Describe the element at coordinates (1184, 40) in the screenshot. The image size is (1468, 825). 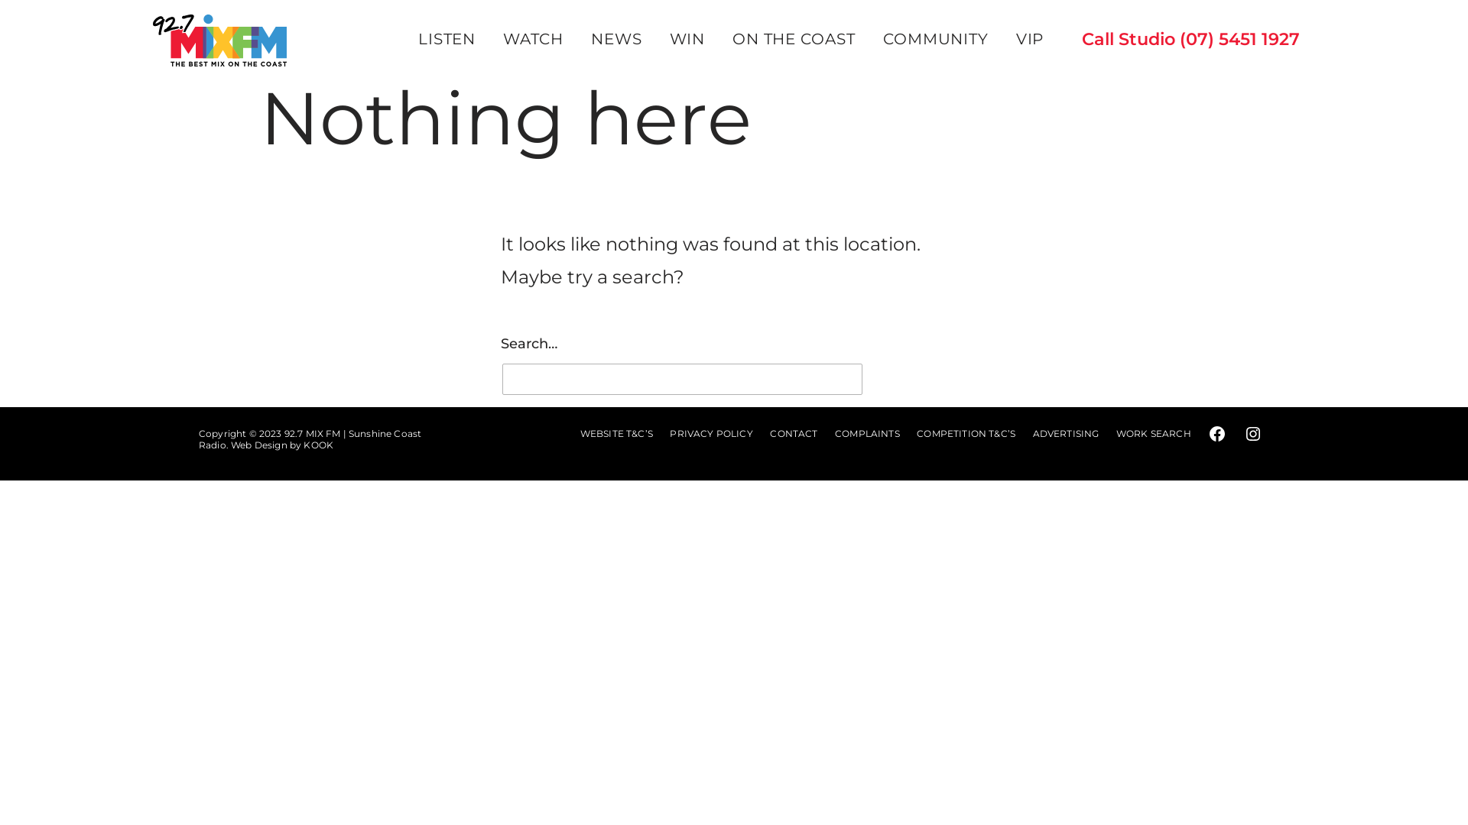
I see `'Call Studio (07) 5451 1927'` at that location.